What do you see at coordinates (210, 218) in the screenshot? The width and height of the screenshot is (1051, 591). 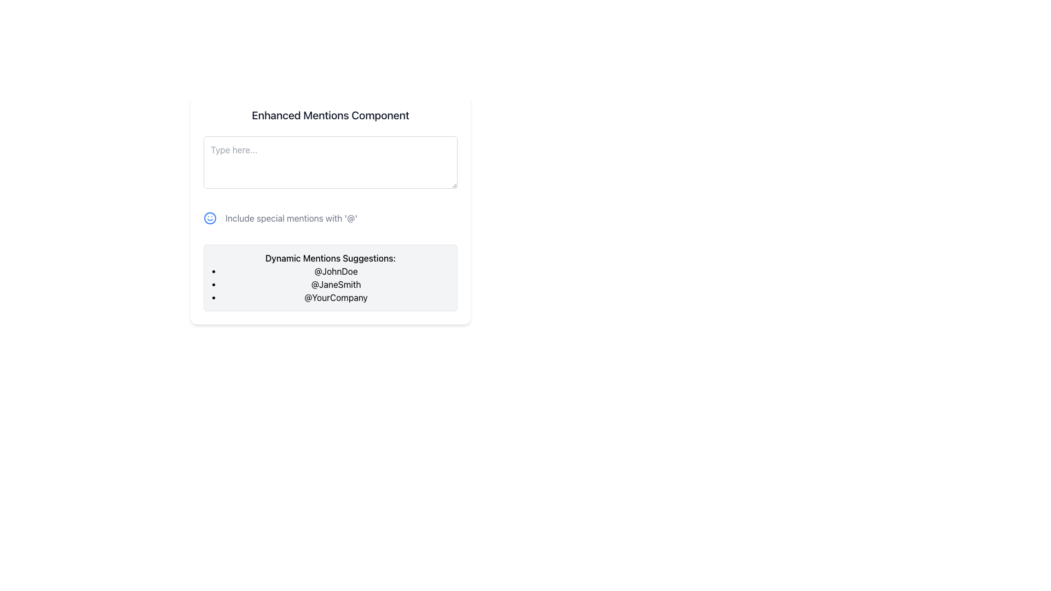 I see `the positivity icon located on the left side of the text 'Include special mentions with '@'' to indicate a friendly feature` at bounding box center [210, 218].